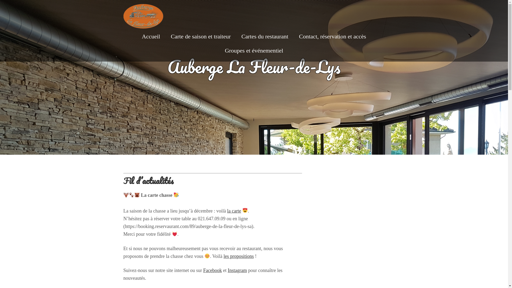 The height and width of the screenshot is (288, 512). Describe the element at coordinates (200, 36) in the screenshot. I see `'Carte de saison et traiteur'` at that location.